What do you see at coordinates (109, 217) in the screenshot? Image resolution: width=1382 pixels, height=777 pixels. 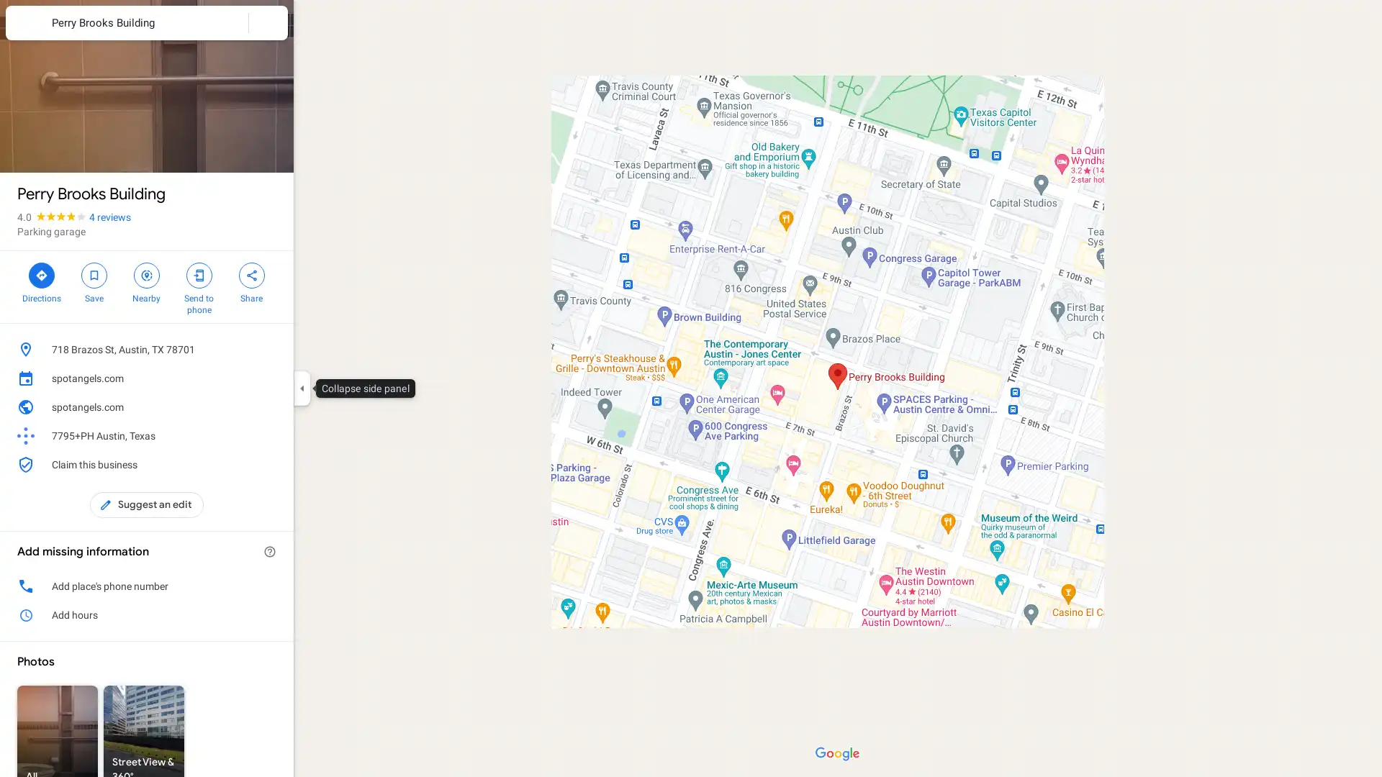 I see `4 reviews` at bounding box center [109, 217].